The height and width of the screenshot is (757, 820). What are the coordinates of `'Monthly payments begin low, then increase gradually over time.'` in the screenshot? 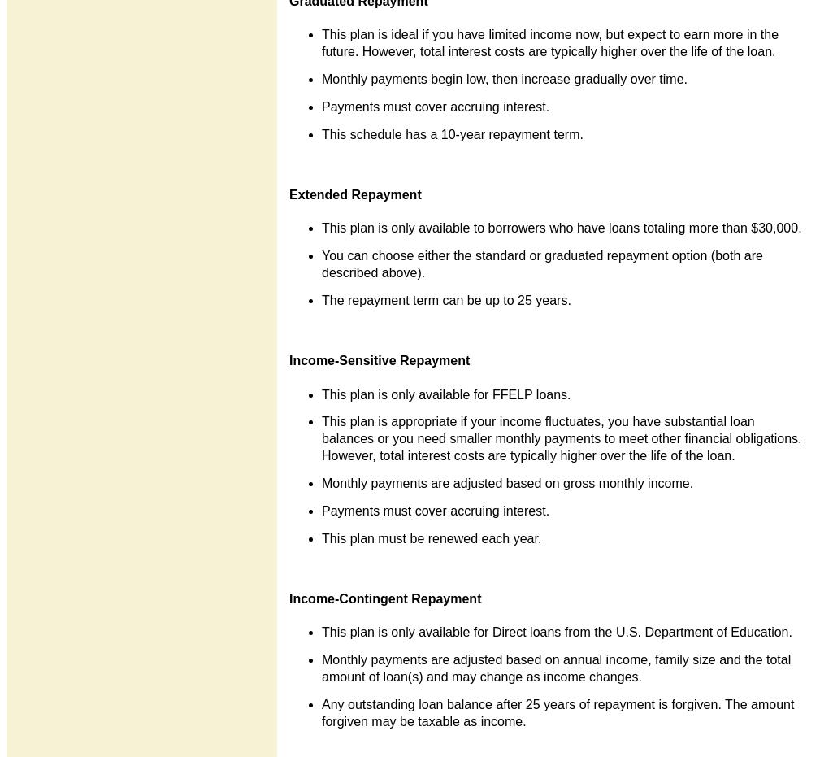 It's located at (505, 79).